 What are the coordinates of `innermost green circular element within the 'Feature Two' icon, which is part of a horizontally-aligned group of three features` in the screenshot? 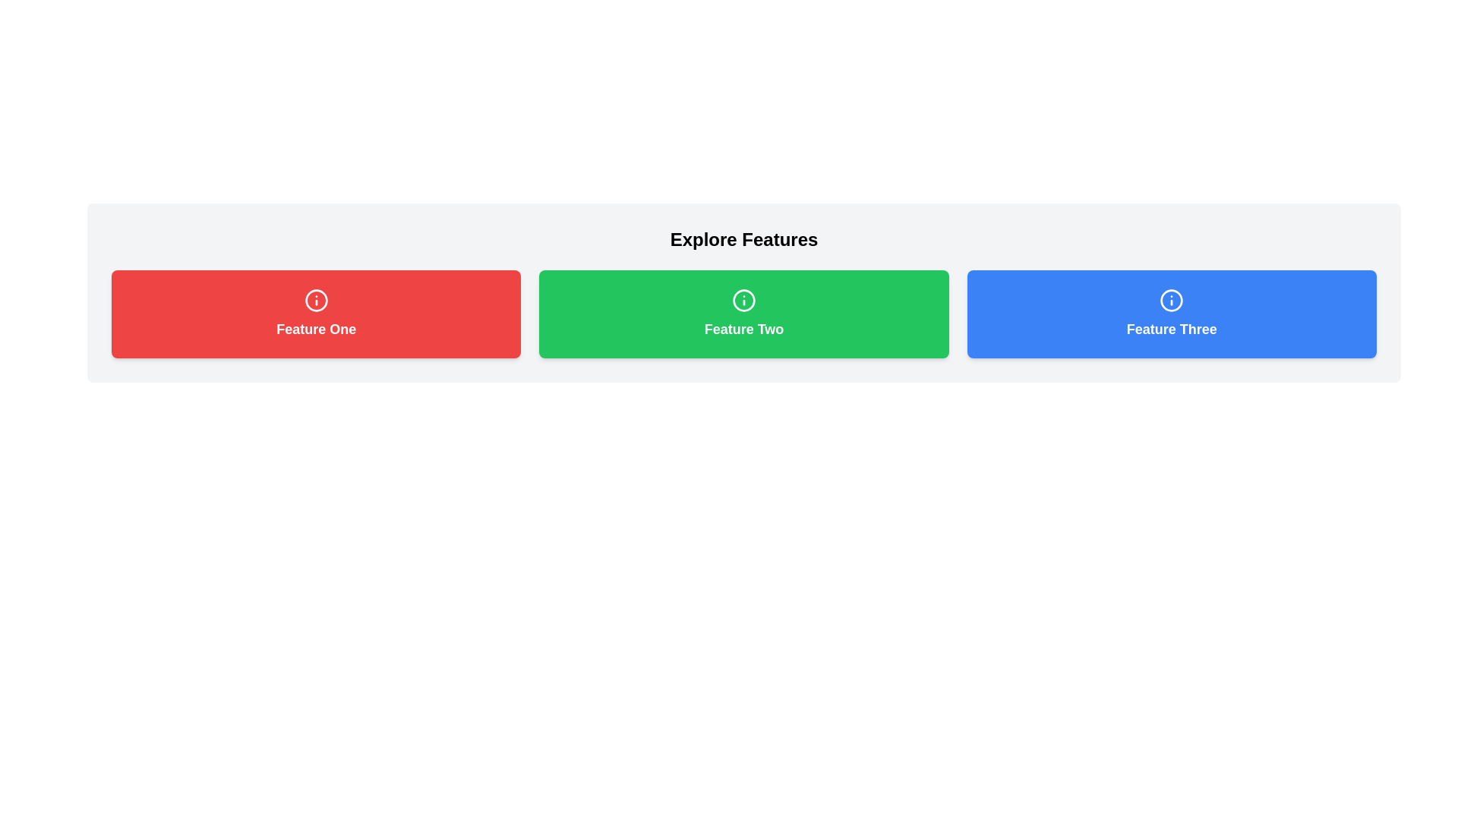 It's located at (743, 301).